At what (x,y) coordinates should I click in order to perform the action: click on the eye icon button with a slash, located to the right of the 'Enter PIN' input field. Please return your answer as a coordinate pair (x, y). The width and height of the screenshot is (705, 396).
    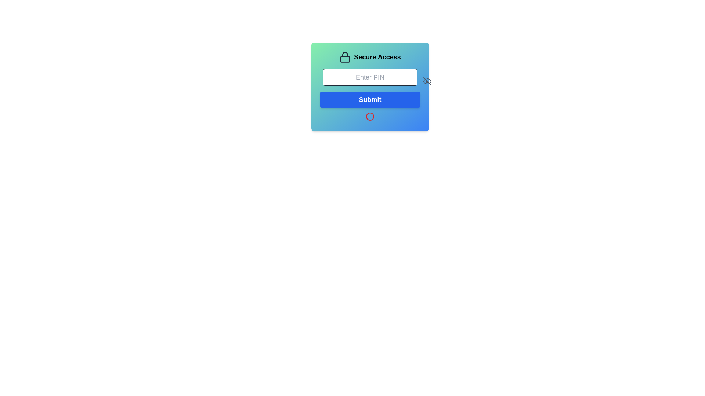
    Looking at the image, I should click on (427, 81).